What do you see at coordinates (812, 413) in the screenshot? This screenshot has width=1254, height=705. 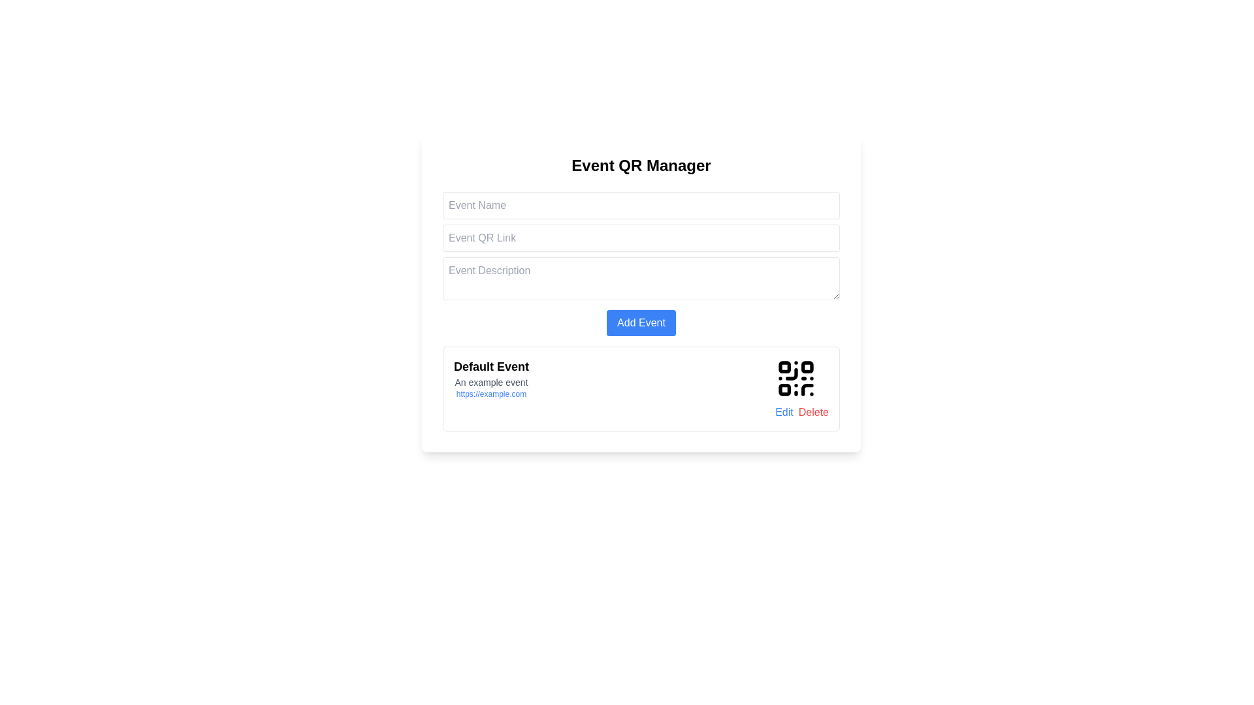 I see `the 'Delete' clickable text link` at bounding box center [812, 413].